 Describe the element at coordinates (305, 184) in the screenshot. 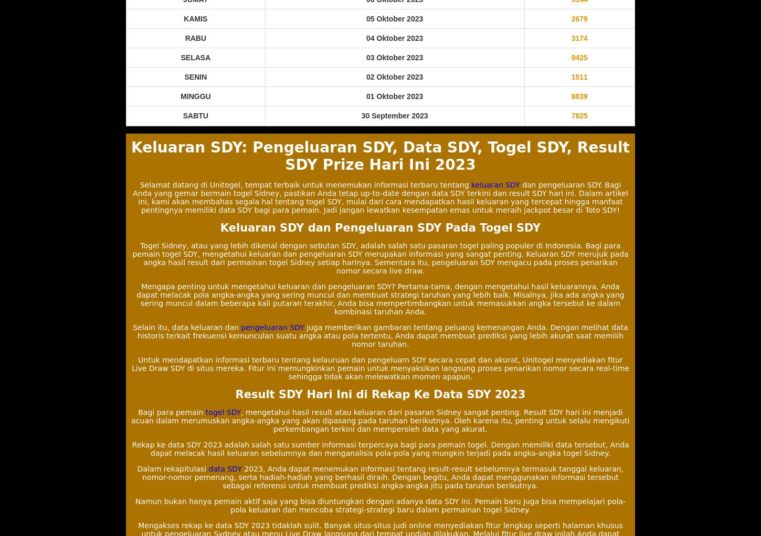

I see `'Selamat datang di Unitogel, tempat terbaik untuk menemukan informasi terbaru tentang'` at that location.